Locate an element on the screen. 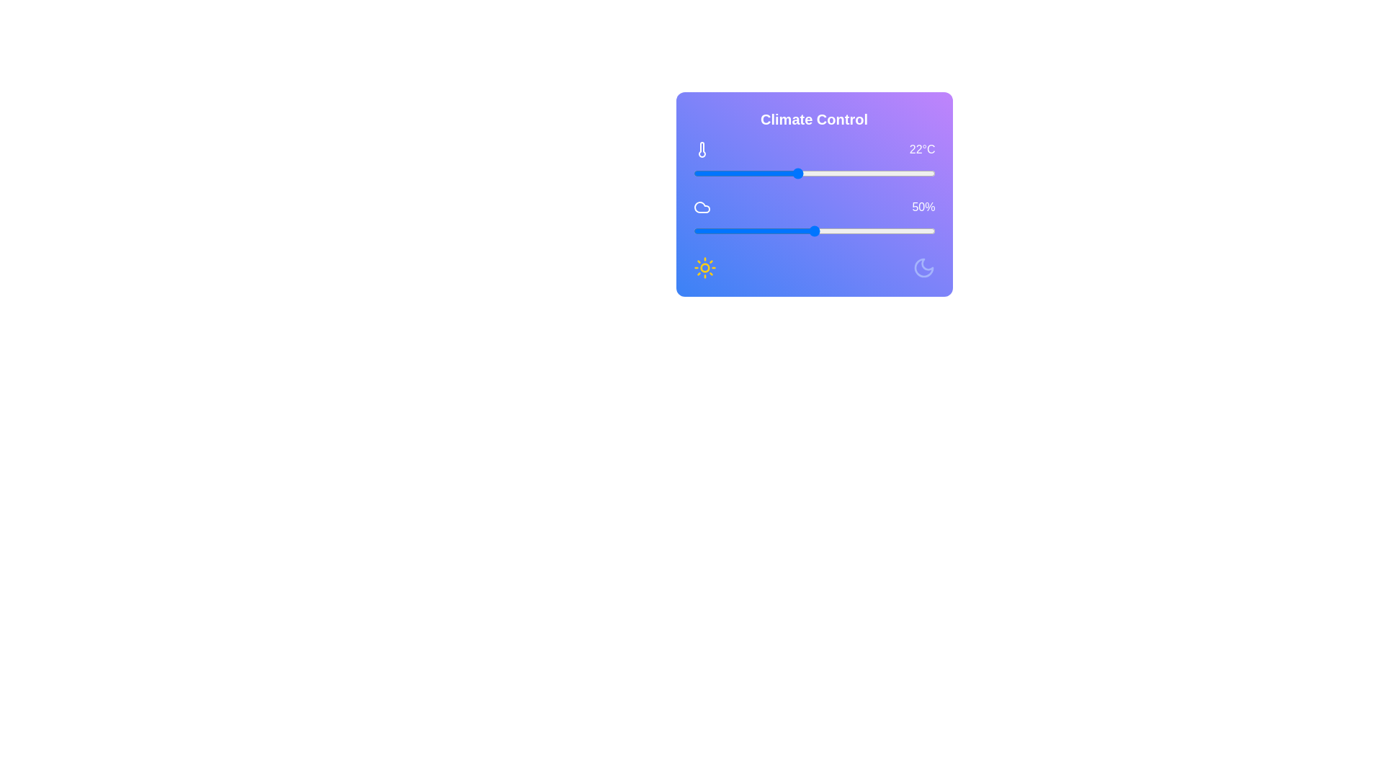 This screenshot has height=778, width=1383. the slider is located at coordinates (879, 207).